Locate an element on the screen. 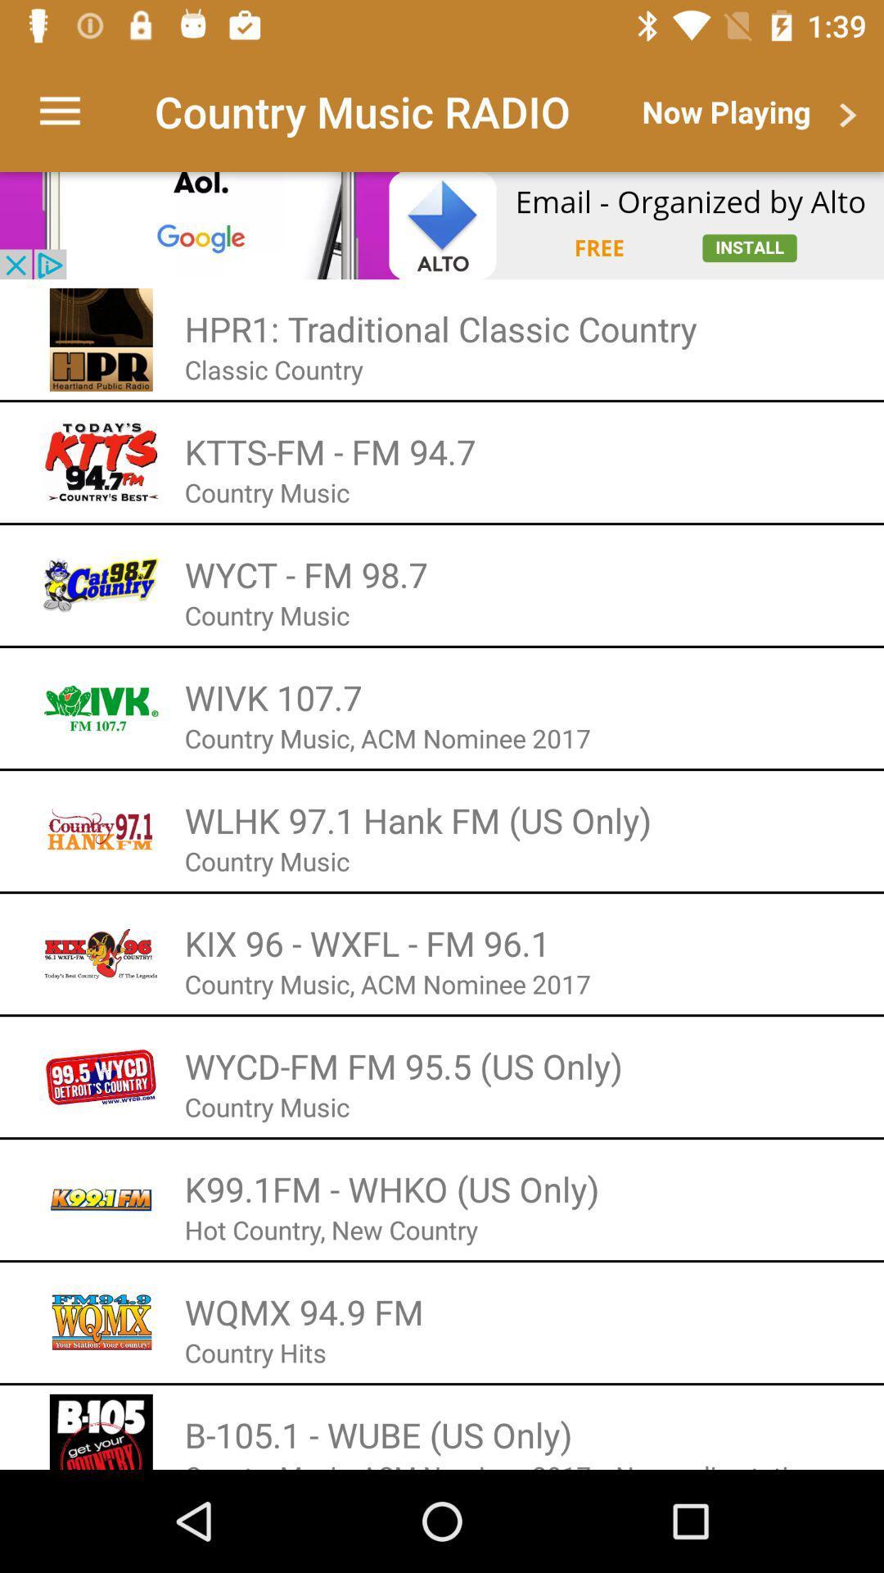  switch autoplay option button is located at coordinates (442, 224).